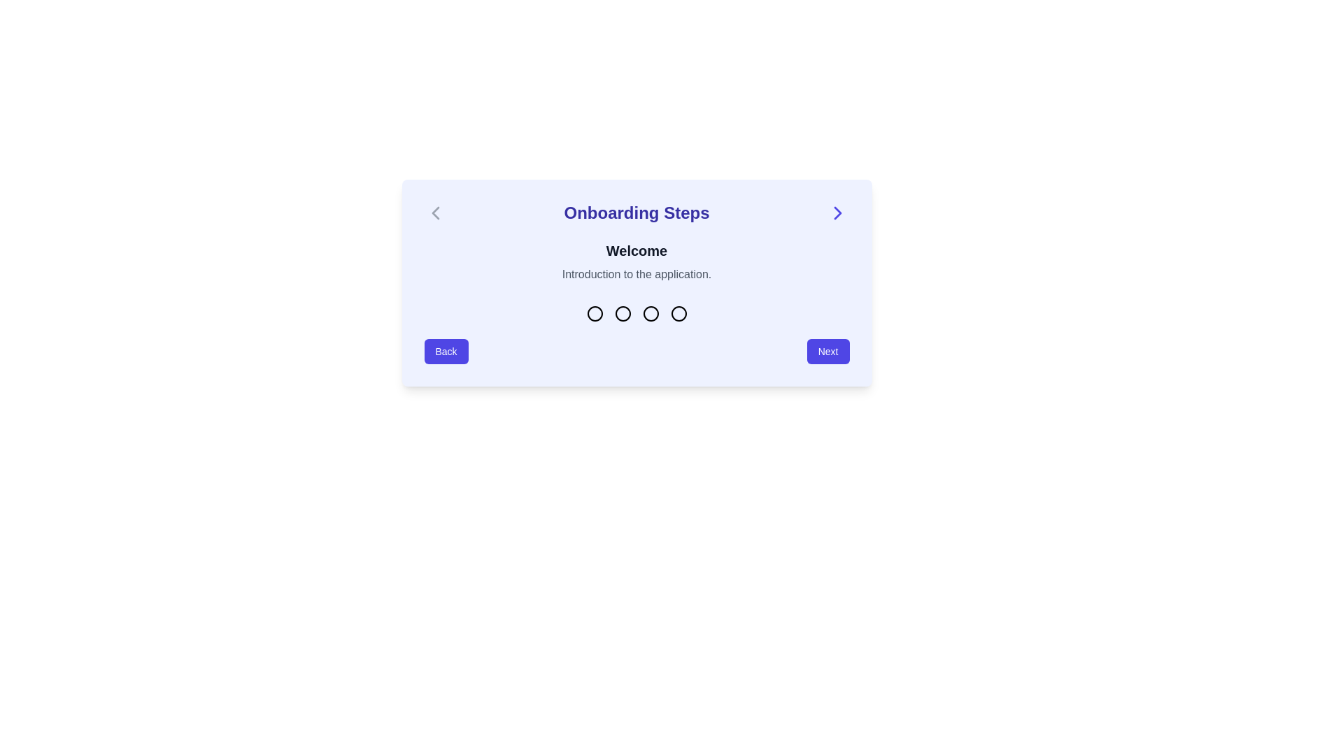 The image size is (1343, 755). What do you see at coordinates (446, 350) in the screenshot?
I see `the 'Previous' button located at the bottom left of the onboarding panel to observe visual feedback` at bounding box center [446, 350].